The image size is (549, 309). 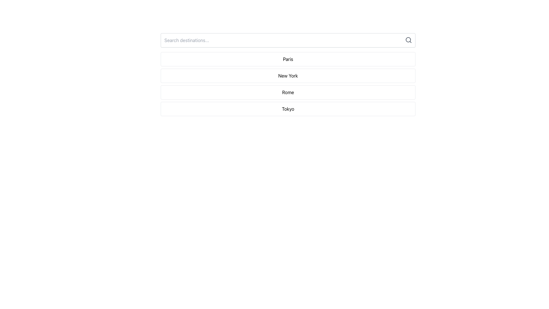 I want to click on the selectable list item labeled 'New York', so click(x=288, y=84).